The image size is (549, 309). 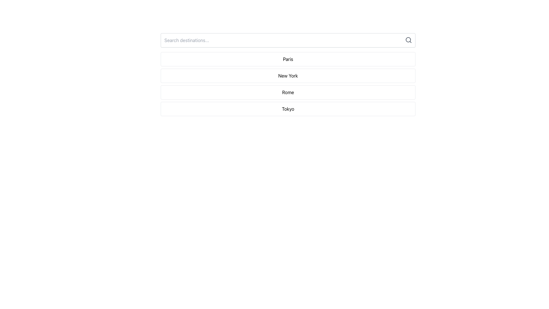 I want to click on the selectable list item labeled 'New York', so click(x=288, y=84).